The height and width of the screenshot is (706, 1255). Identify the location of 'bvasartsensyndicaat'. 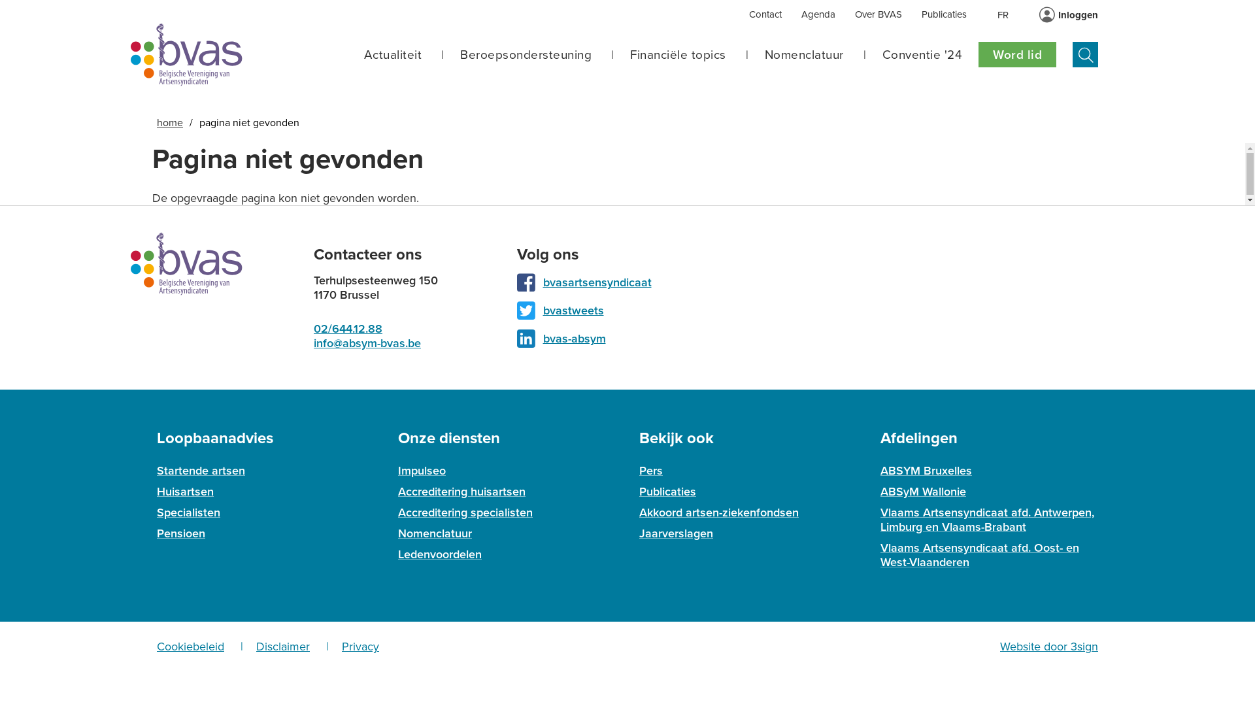
(595, 282).